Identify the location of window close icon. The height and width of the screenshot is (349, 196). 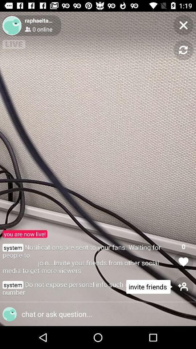
(183, 25).